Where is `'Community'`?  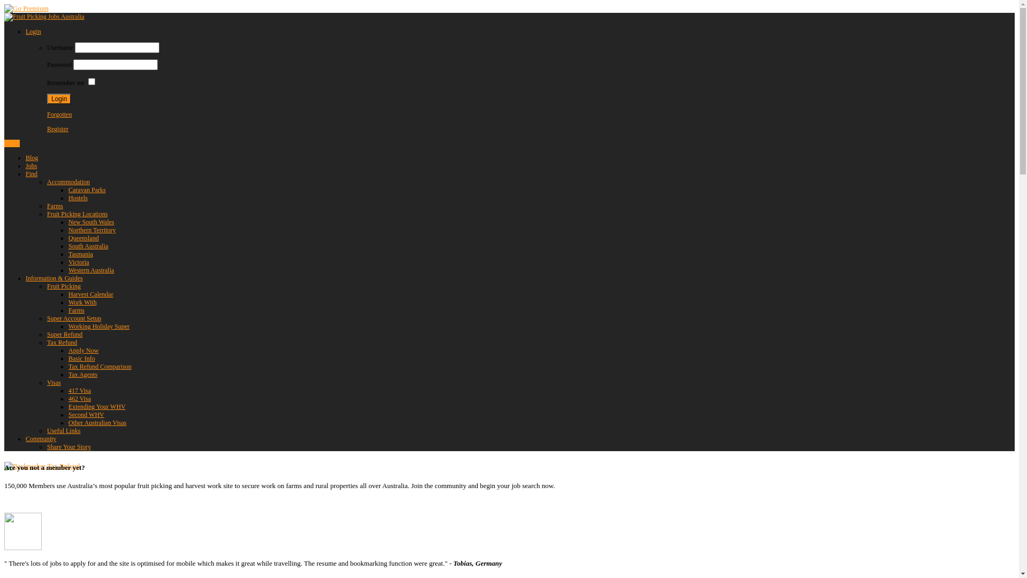 'Community' is located at coordinates (41, 439).